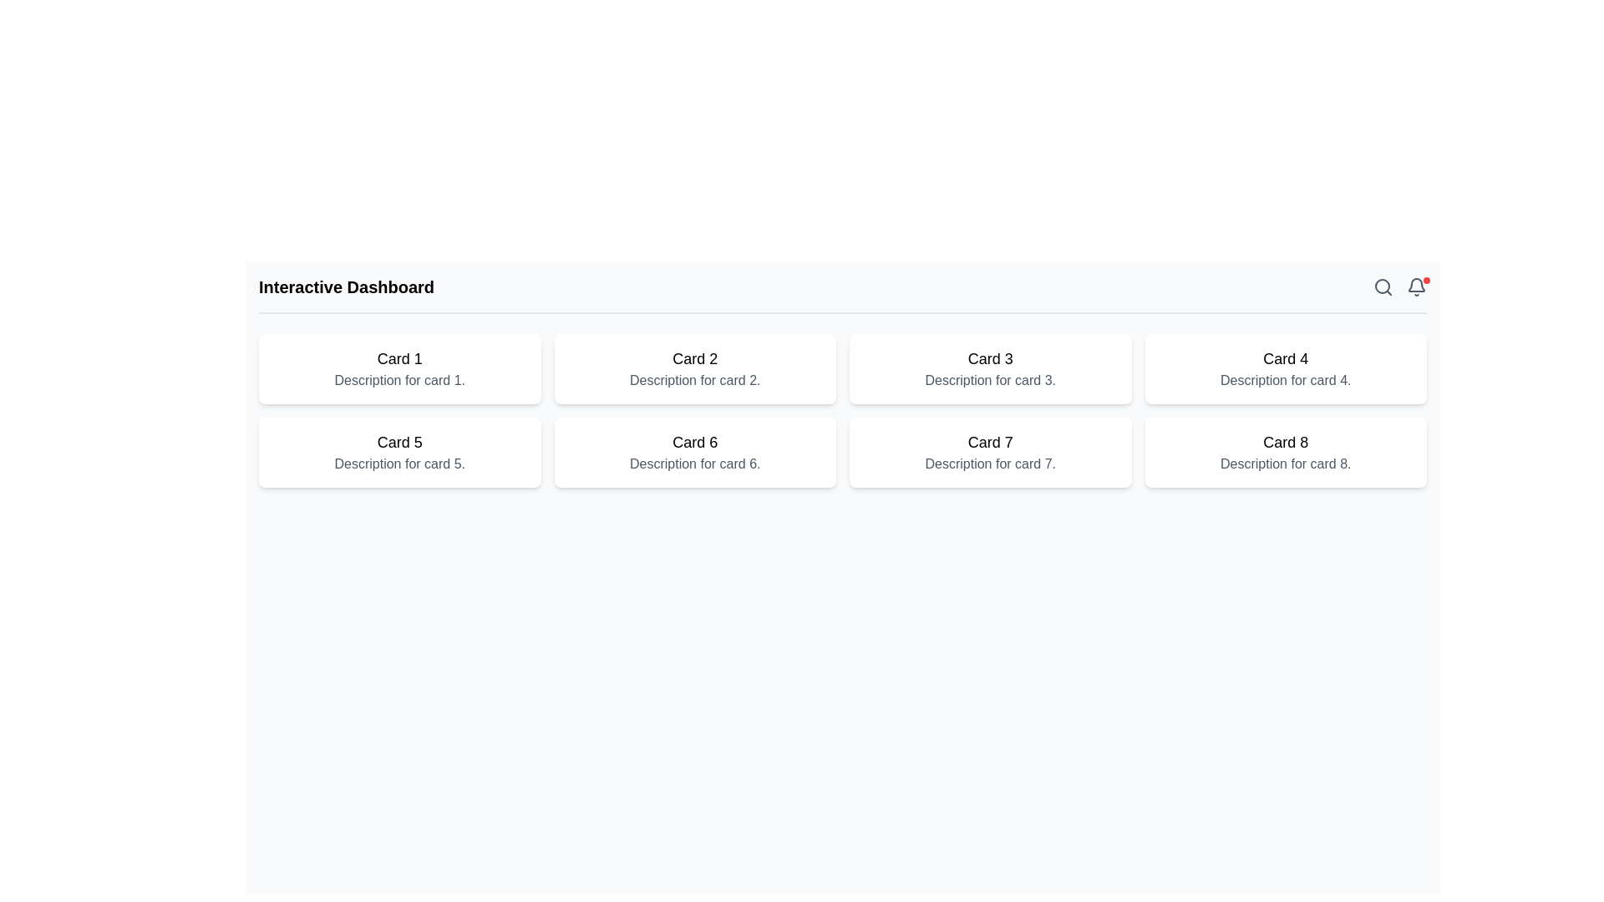 This screenshot has height=902, width=1604. I want to click on the 'Card 1' component located in the top-left corner of the grid layout, so click(398, 368).